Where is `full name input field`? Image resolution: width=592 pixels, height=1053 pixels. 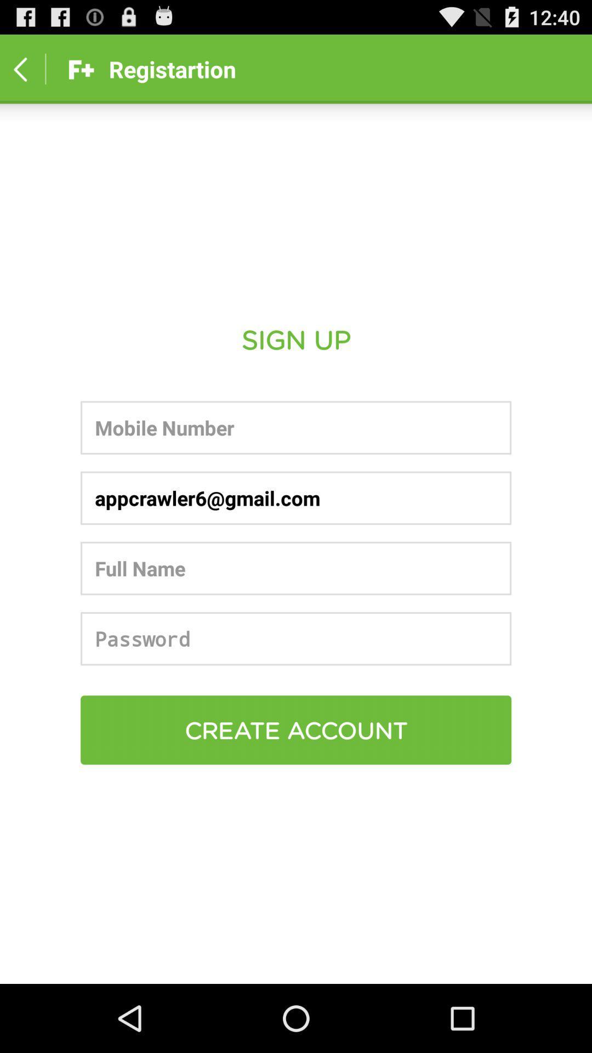 full name input field is located at coordinates (296, 568).